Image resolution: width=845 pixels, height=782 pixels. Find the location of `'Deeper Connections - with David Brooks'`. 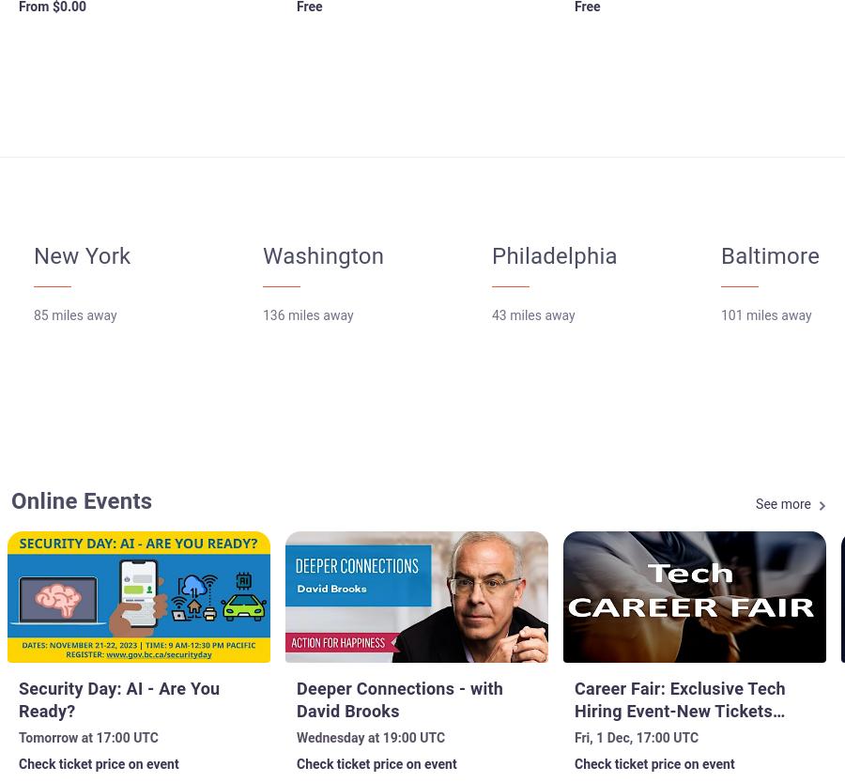

'Deeper Connections - with David Brooks' is located at coordinates (295, 699).